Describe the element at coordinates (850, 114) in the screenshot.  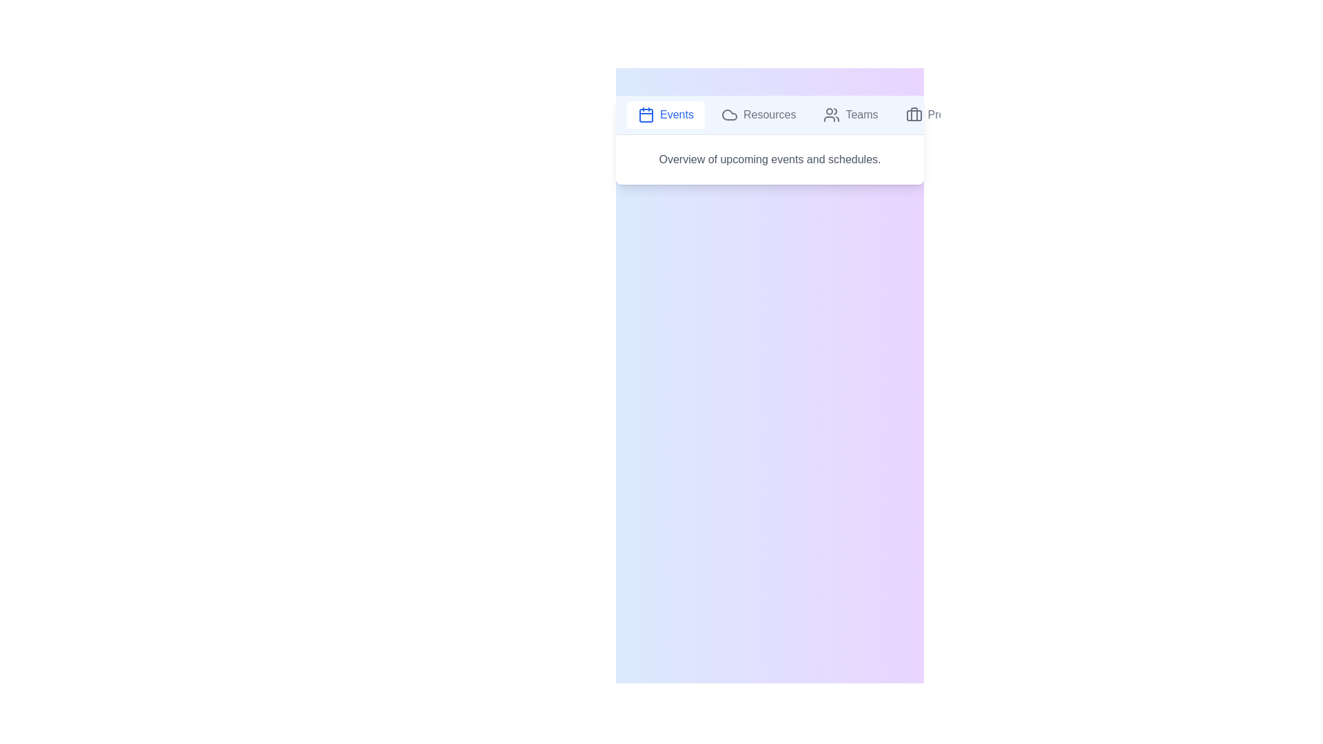
I see `the tab labeled Teams to display its content` at that location.